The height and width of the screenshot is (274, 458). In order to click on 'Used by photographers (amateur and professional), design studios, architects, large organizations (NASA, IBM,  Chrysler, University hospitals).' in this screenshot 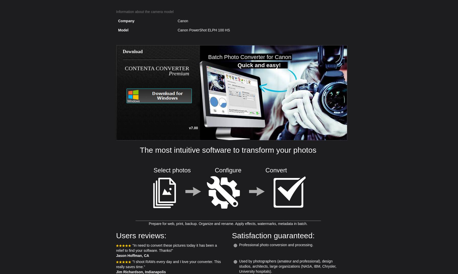, I will do `click(287, 266)`.